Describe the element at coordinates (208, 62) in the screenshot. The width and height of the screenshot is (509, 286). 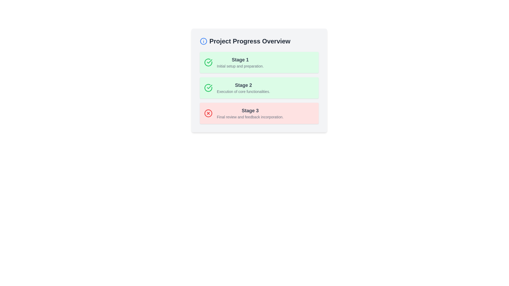
I see `the circular icon with a green checkmark inside, which is located at the top-left corner of the 'Stage 1' card` at that location.